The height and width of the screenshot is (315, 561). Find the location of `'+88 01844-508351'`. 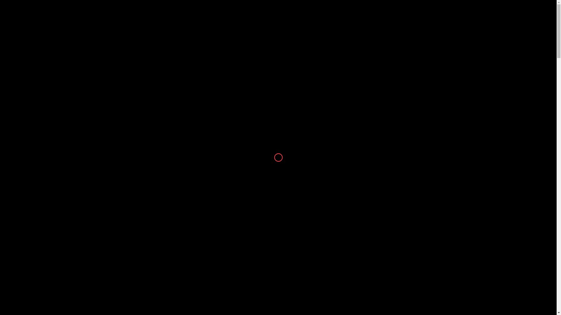

'+88 01844-508351' is located at coordinates (39, 5).